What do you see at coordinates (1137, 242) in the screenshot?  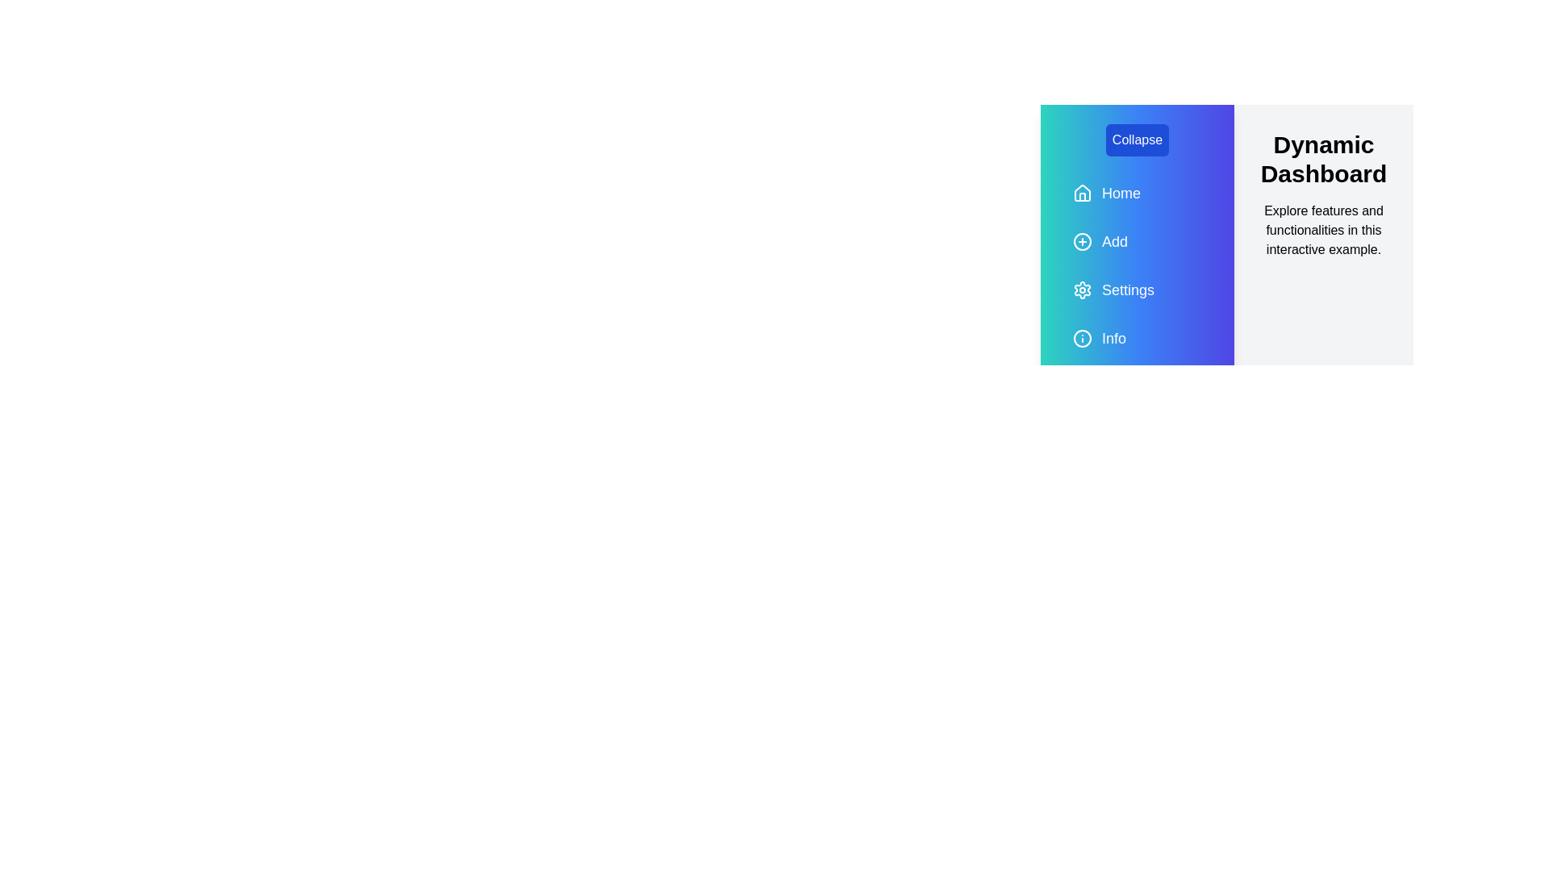 I see `the 'Add' navigation item to navigate to its associated section` at bounding box center [1137, 242].